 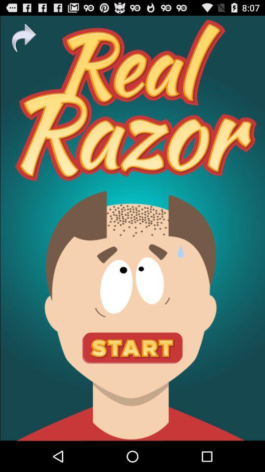 I want to click on item at the bottom, so click(x=132, y=348).